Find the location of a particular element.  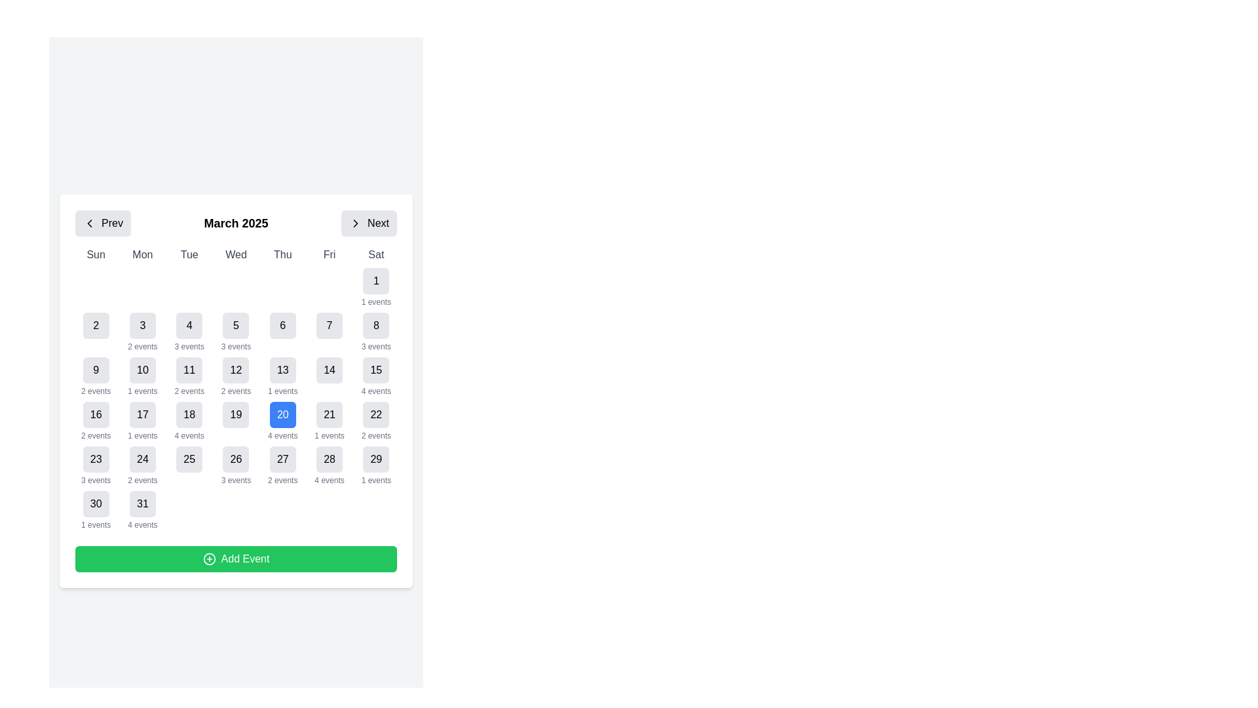

the calendar day cell that displays the date '18' and the label '4 events' to highlight or open a detailed view is located at coordinates (189, 422).